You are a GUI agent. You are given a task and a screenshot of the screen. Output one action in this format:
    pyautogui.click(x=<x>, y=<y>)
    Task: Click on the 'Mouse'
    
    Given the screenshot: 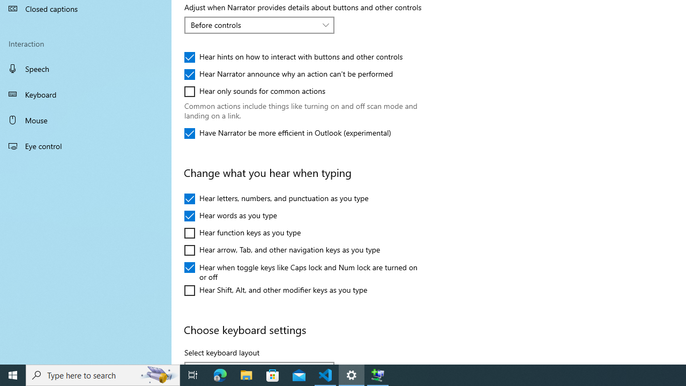 What is the action you would take?
    pyautogui.click(x=86, y=120)
    